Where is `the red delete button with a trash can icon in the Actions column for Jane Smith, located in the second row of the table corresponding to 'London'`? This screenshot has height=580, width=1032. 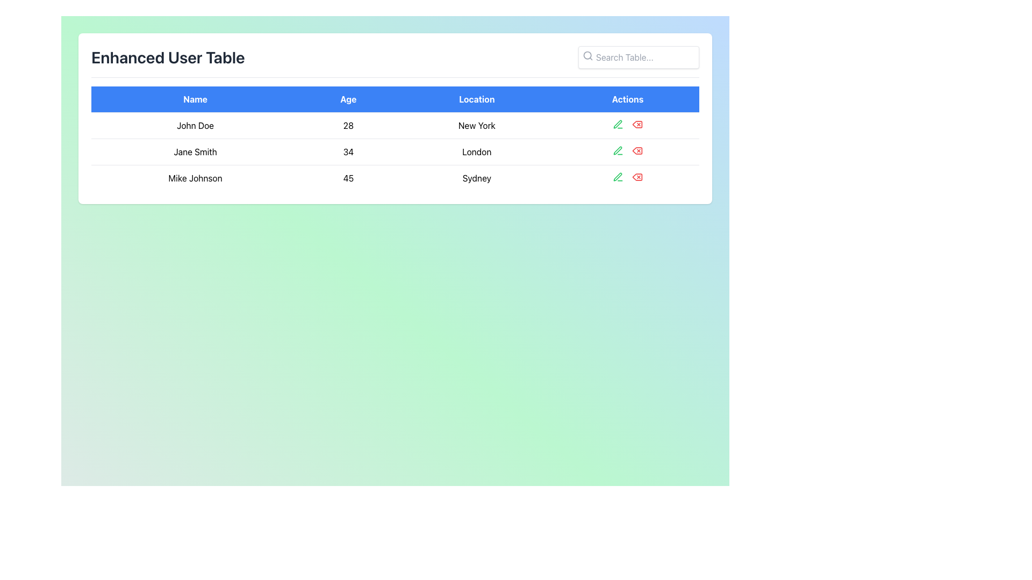
the red delete button with a trash can icon in the Actions column for Jane Smith, located in the second row of the table corresponding to 'London' is located at coordinates (637, 151).